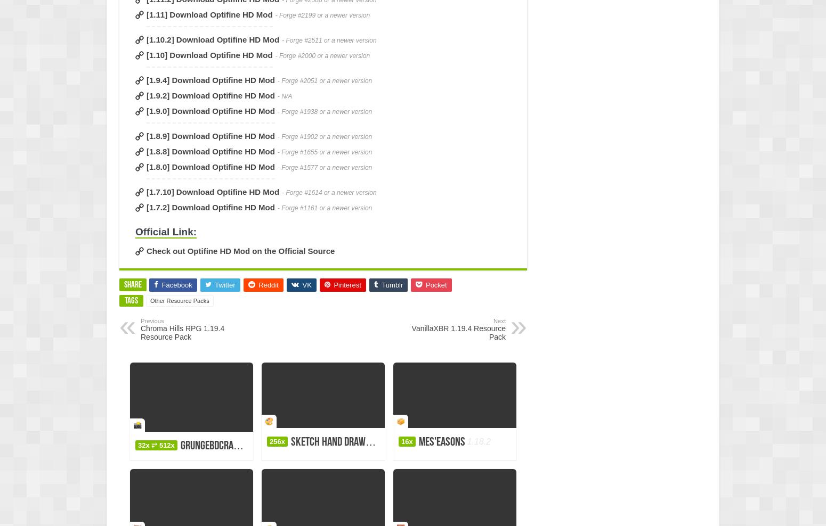 The width and height of the screenshot is (826, 526). What do you see at coordinates (382, 441) in the screenshot?
I see `'1.8.9'` at bounding box center [382, 441].